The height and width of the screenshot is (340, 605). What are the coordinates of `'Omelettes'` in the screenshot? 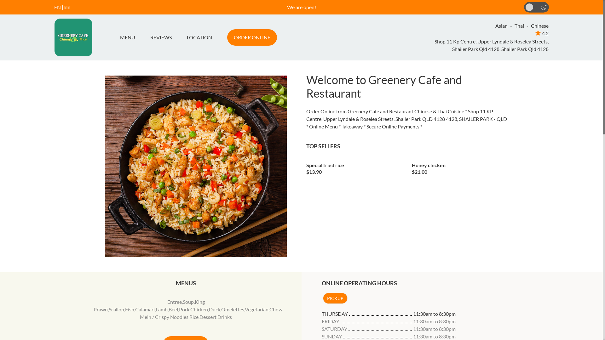 It's located at (221, 309).